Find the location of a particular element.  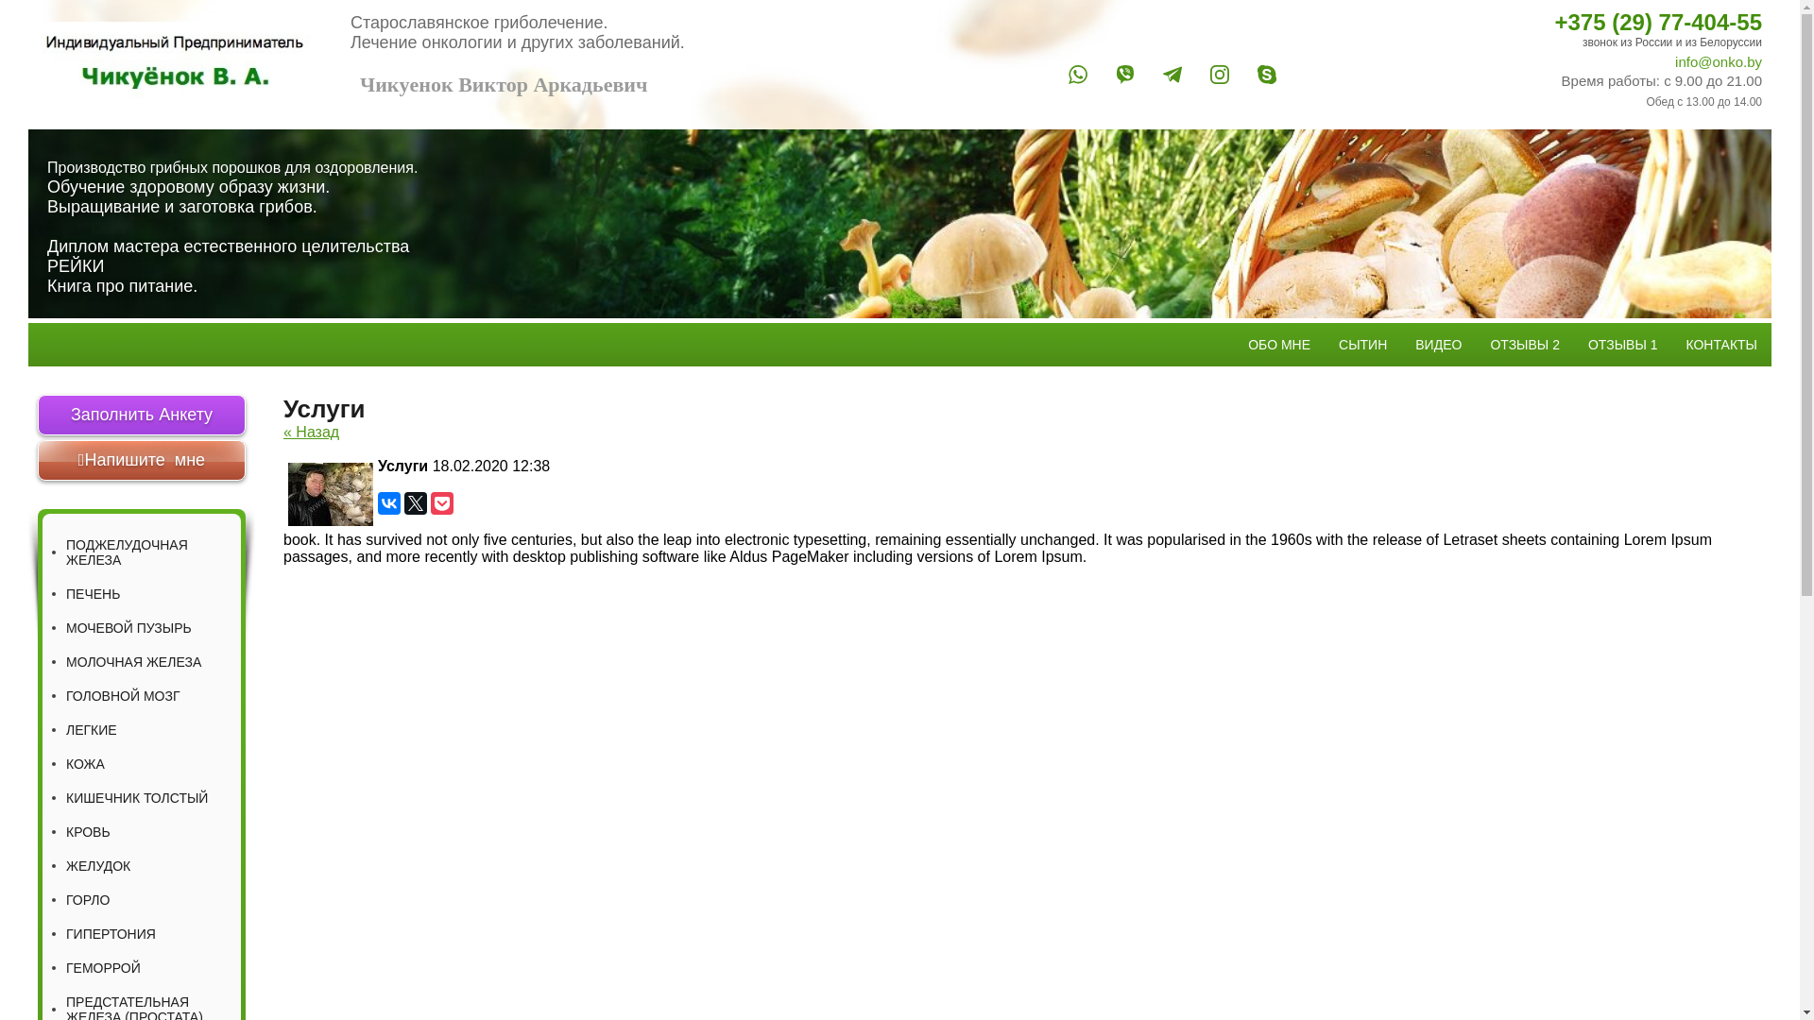

'+375 (29) 77-404-55' is located at coordinates (1535, 22).